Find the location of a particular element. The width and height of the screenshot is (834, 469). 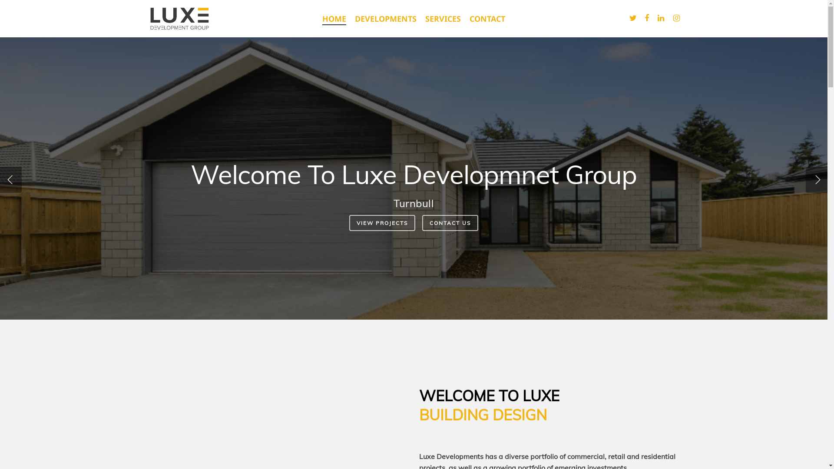

'DEVELOPMENTS' is located at coordinates (385, 18).